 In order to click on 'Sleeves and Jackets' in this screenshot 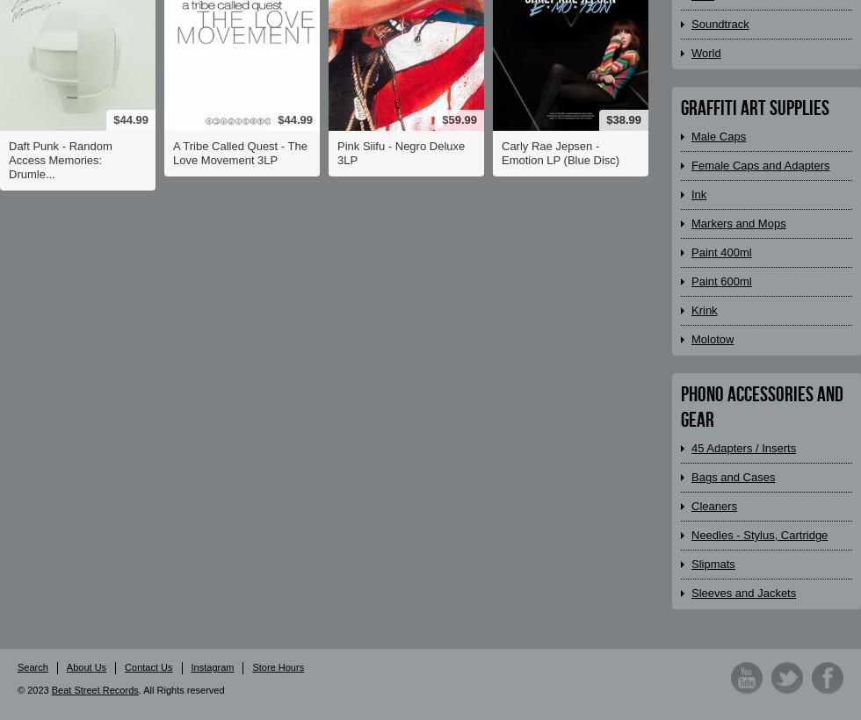, I will do `click(743, 593)`.